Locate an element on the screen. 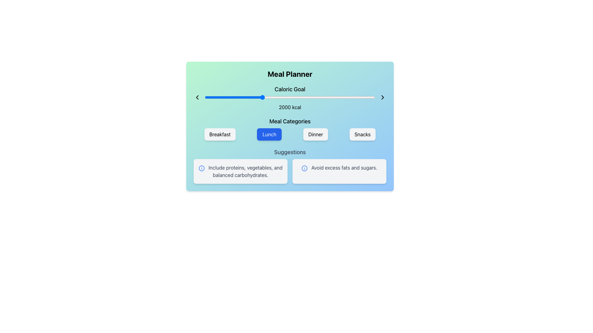  the first button from the left in the 'Meal Categories' section is located at coordinates (220, 134).